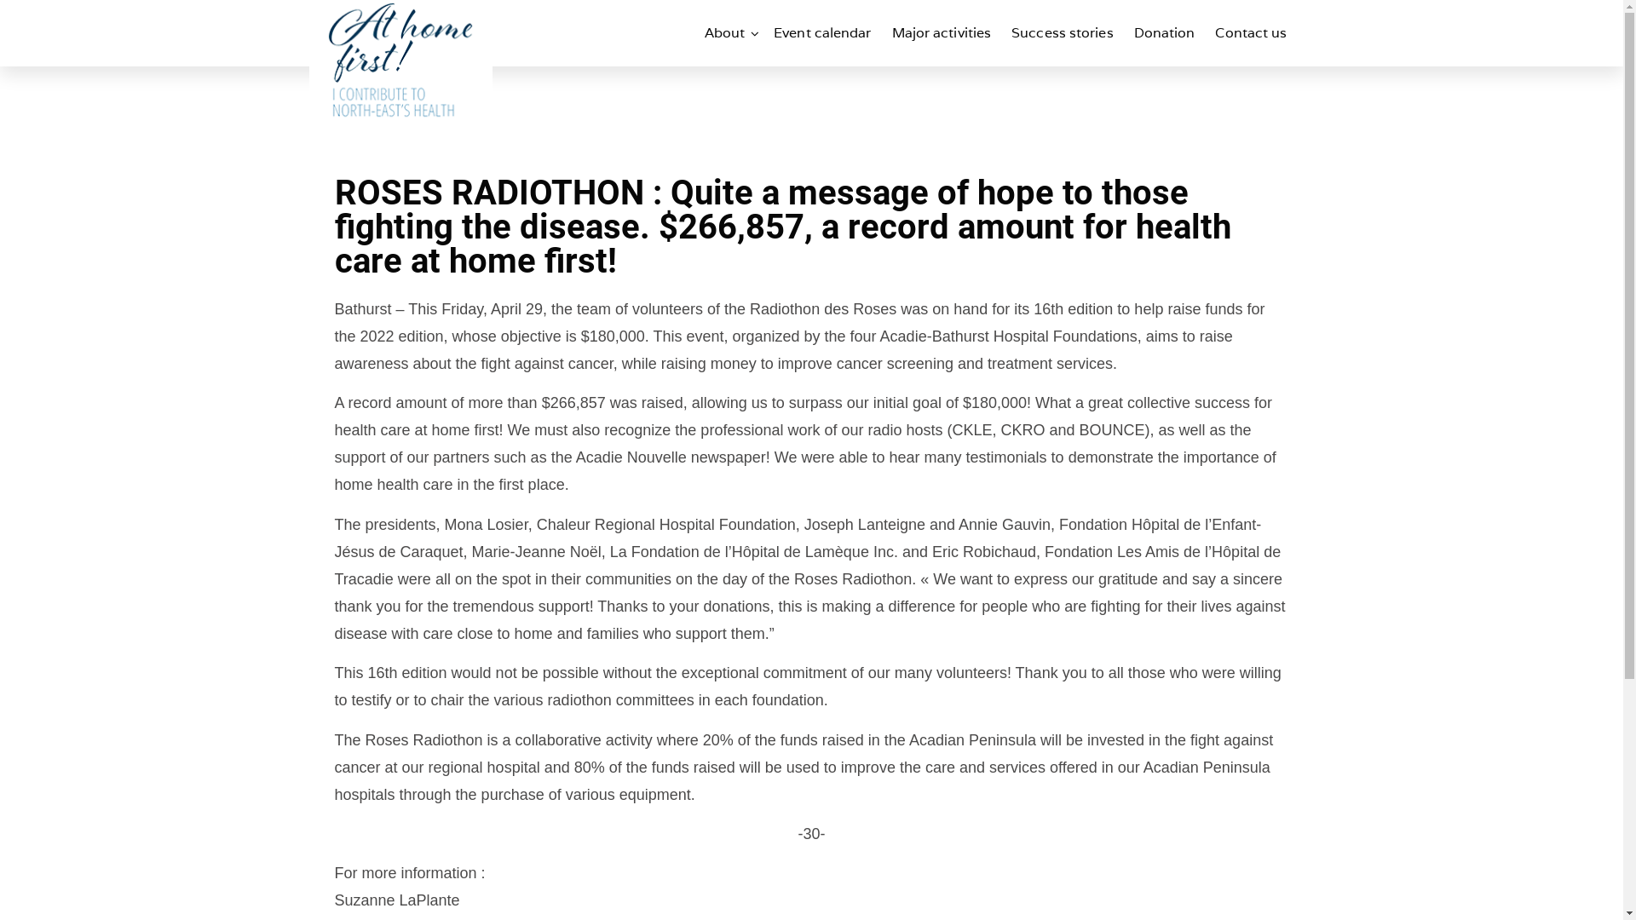 The width and height of the screenshot is (1636, 920). Describe the element at coordinates (729, 32) in the screenshot. I see `'About'` at that location.